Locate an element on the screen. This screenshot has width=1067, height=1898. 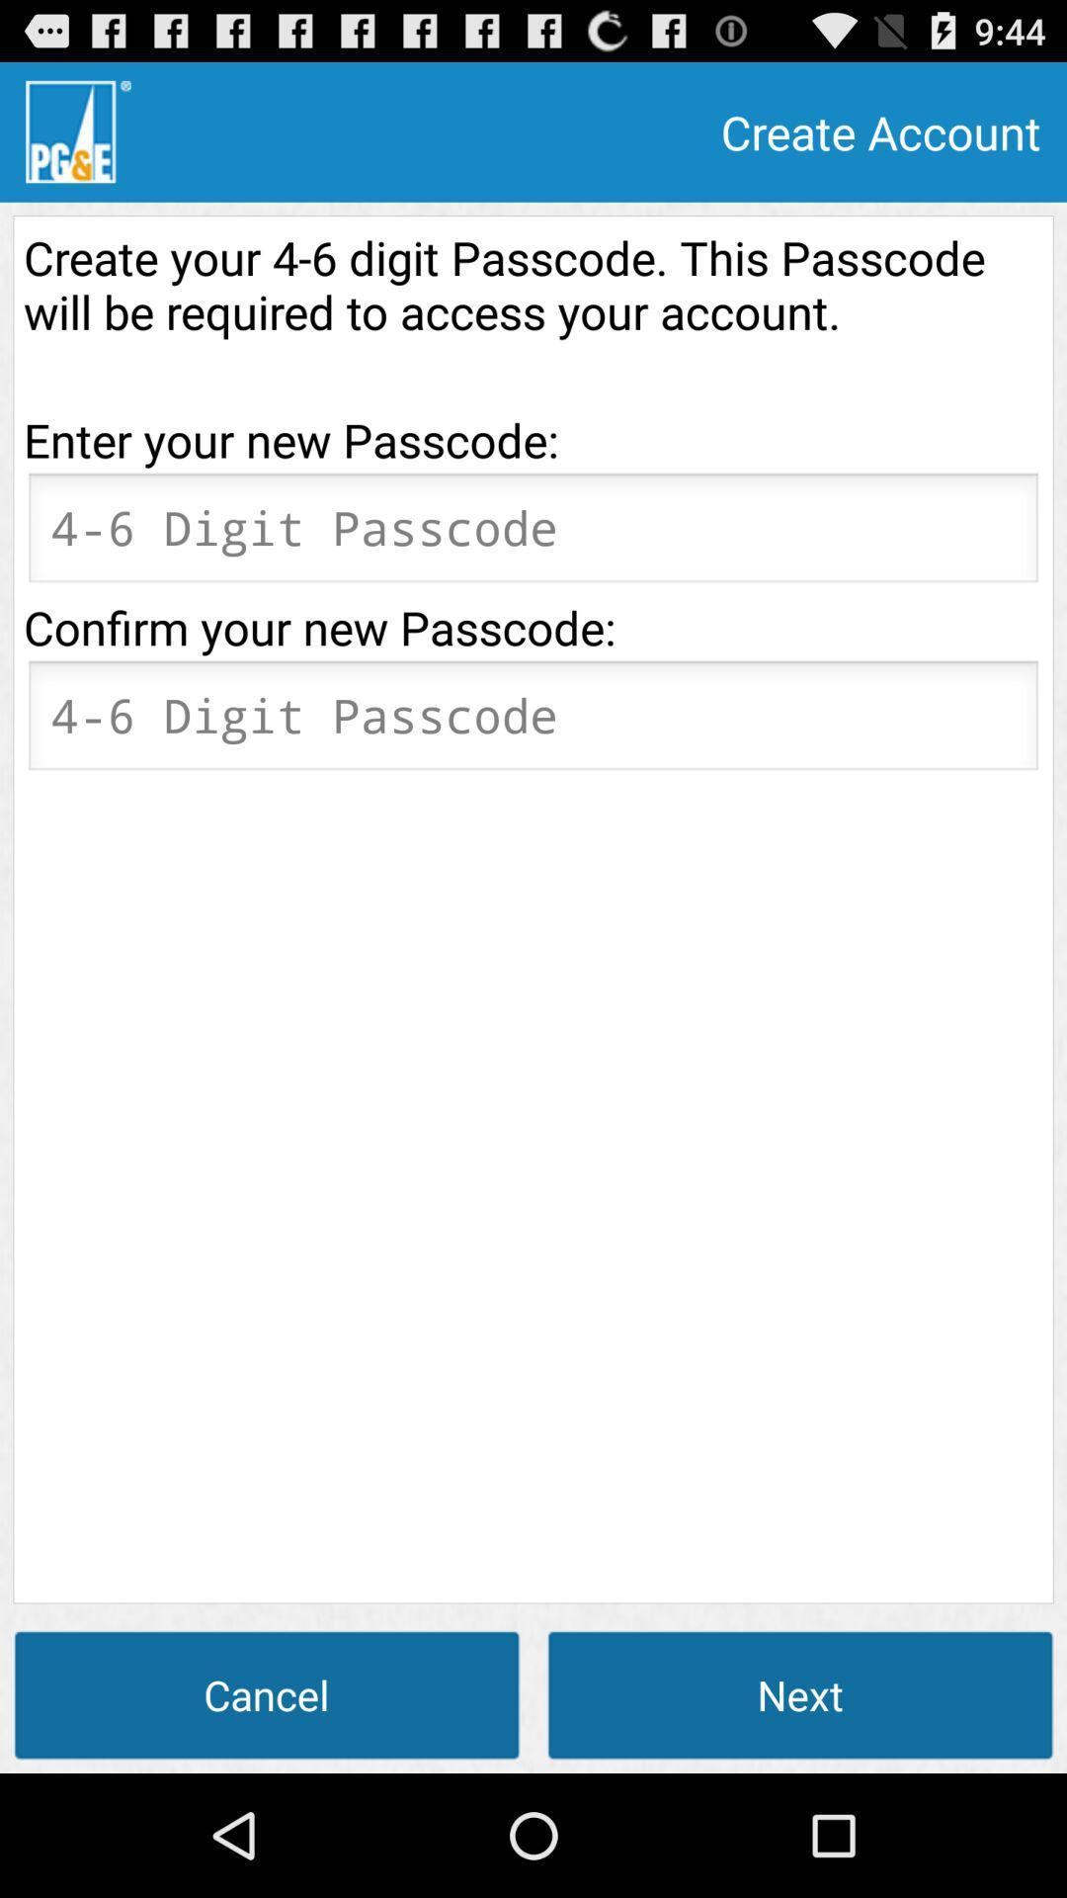
the cancel item is located at coordinates (267, 1693).